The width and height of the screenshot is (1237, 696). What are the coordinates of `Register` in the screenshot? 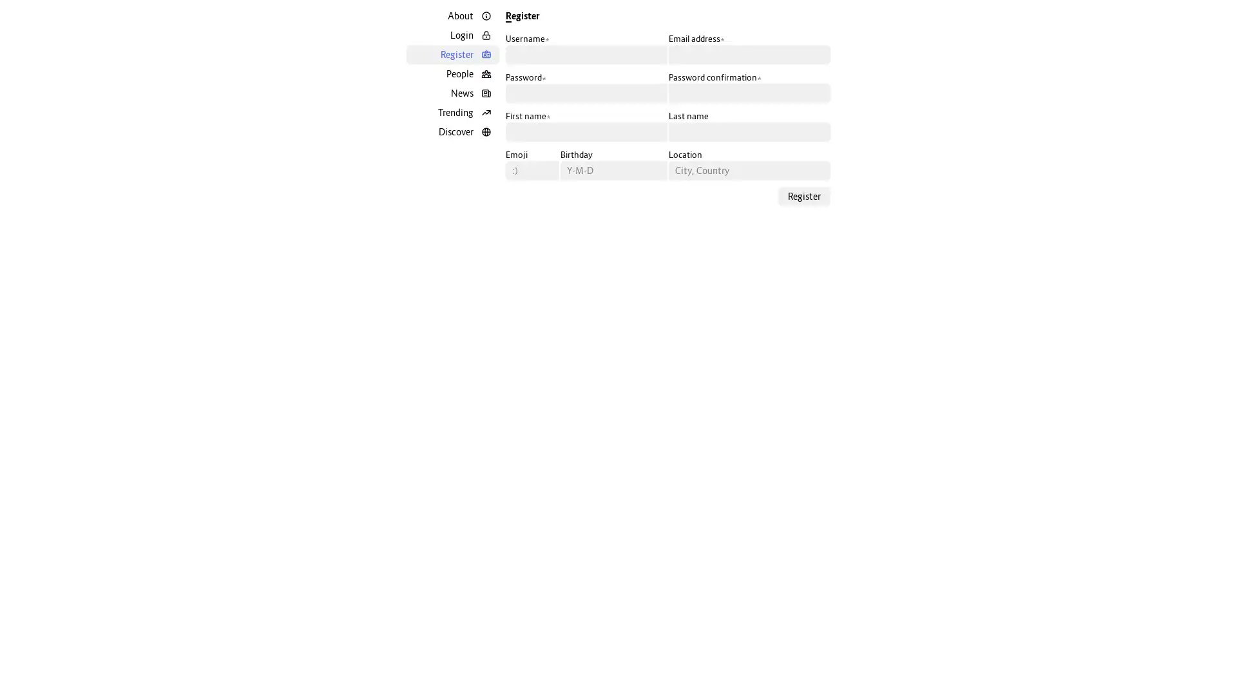 It's located at (803, 196).